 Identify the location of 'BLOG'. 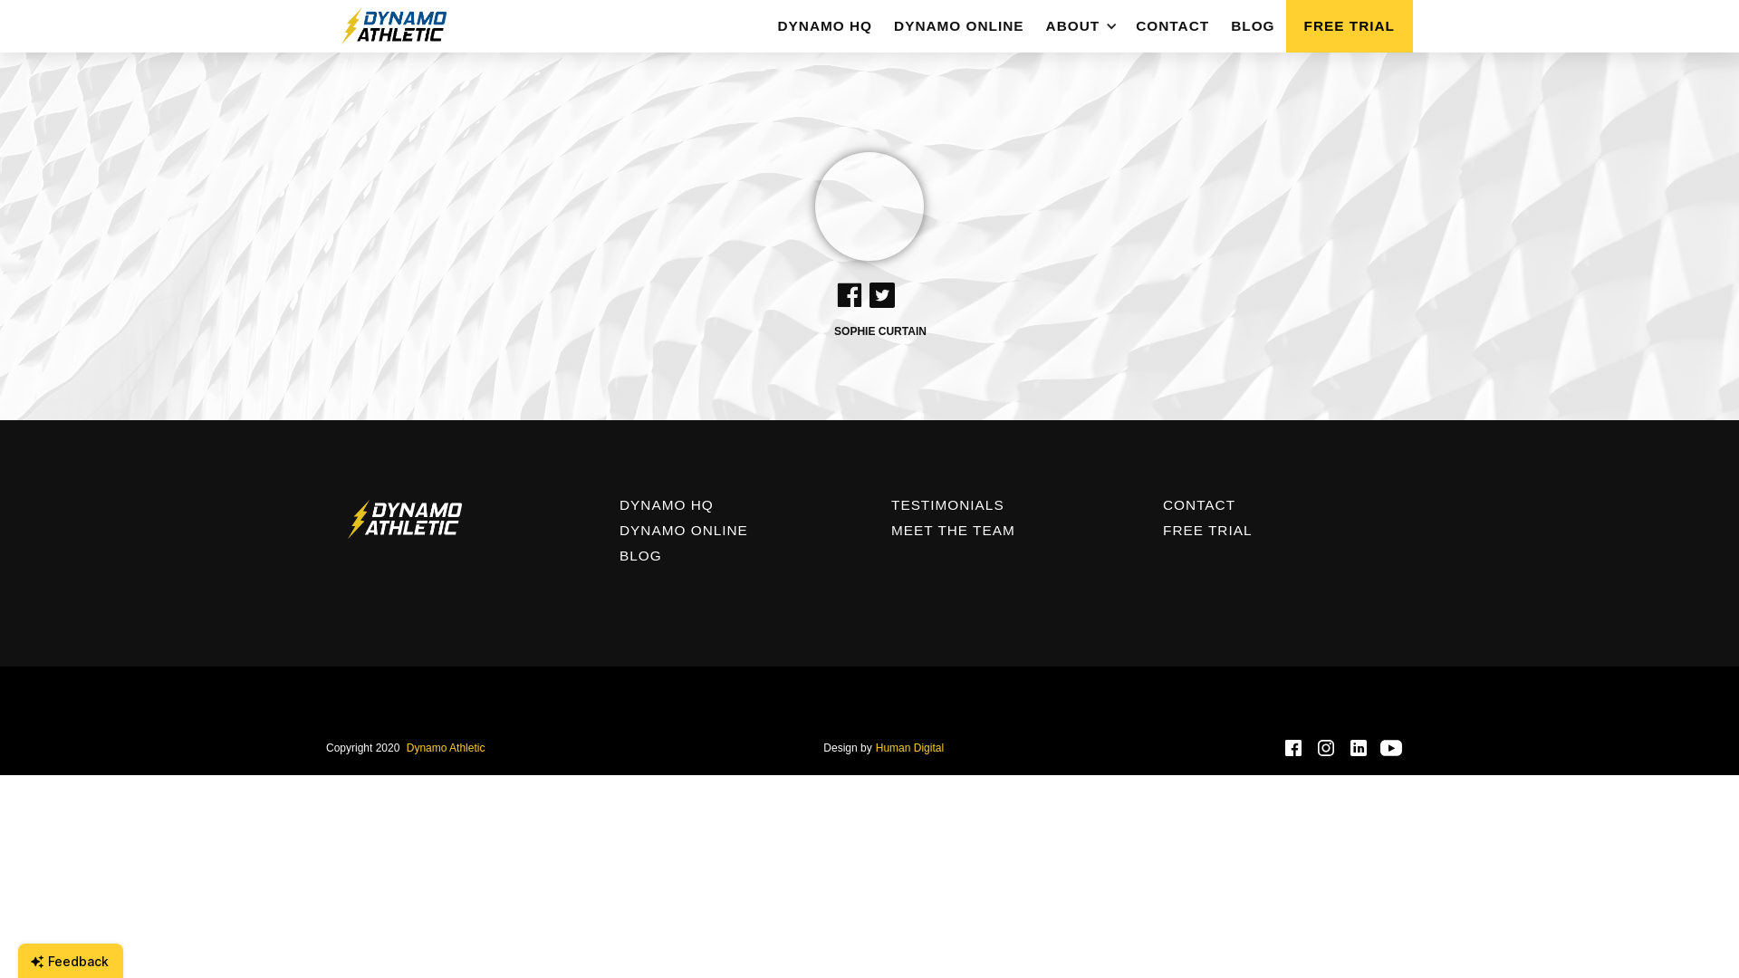
(1251, 26).